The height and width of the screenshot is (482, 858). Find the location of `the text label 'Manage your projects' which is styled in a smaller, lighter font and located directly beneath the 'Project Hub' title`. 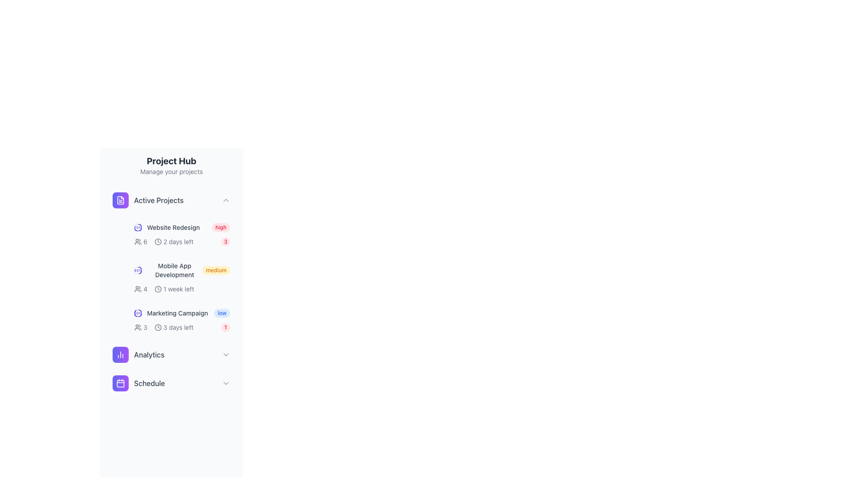

the text label 'Manage your projects' which is styled in a smaller, lighter font and located directly beneath the 'Project Hub' title is located at coordinates (172, 172).